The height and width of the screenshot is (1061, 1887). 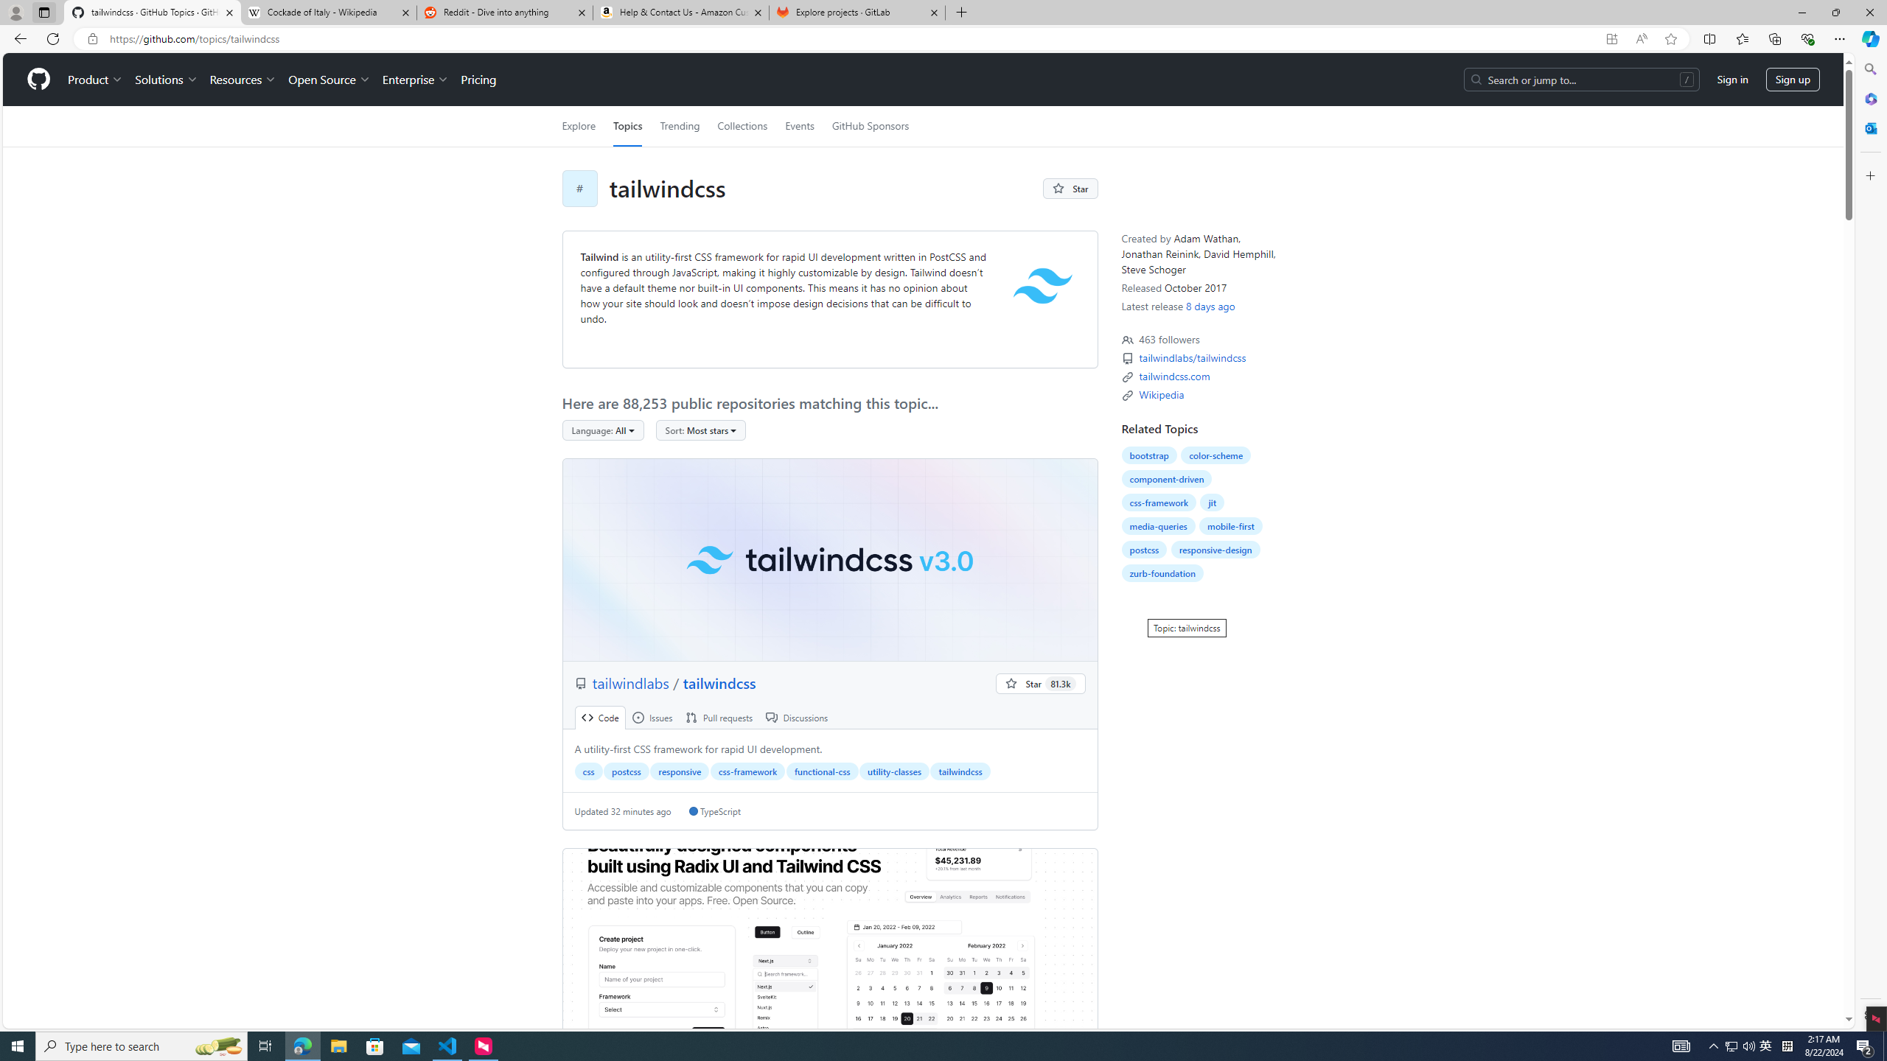 What do you see at coordinates (719, 717) in the screenshot?
I see `' Pull requests'` at bounding box center [719, 717].